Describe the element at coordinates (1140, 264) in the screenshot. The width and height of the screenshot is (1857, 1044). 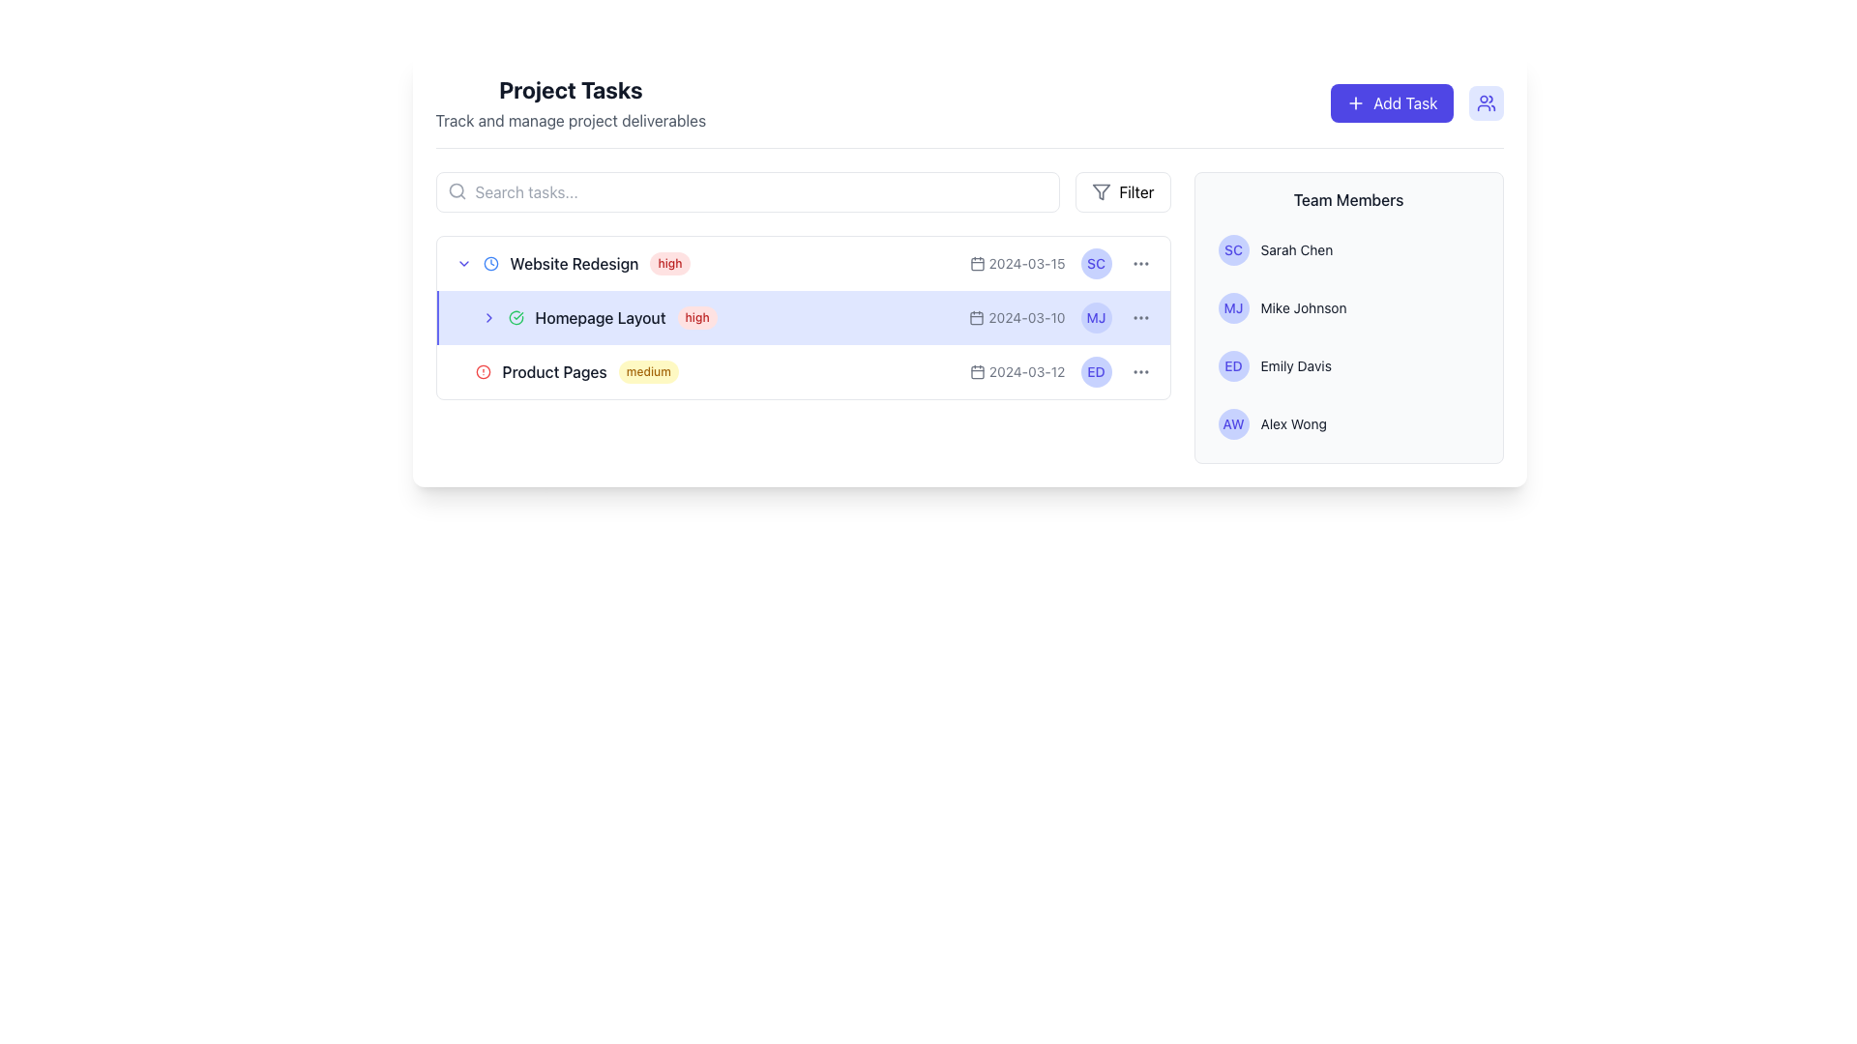
I see `the circular interactive button with three vertically-aligned gray dots` at that location.